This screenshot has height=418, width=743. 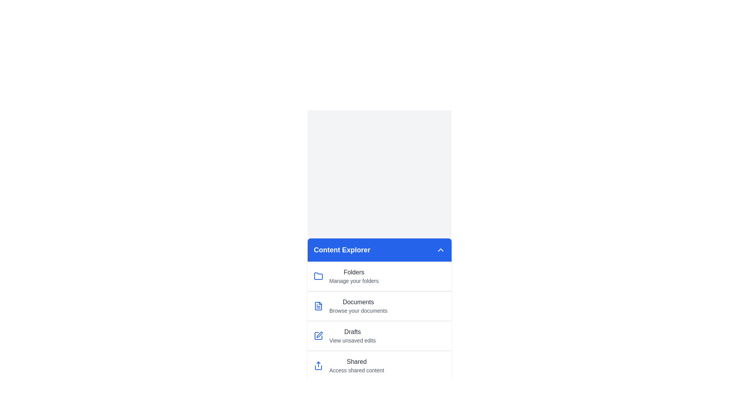 What do you see at coordinates (379, 276) in the screenshot?
I see `the menu item corresponding to Folders` at bounding box center [379, 276].